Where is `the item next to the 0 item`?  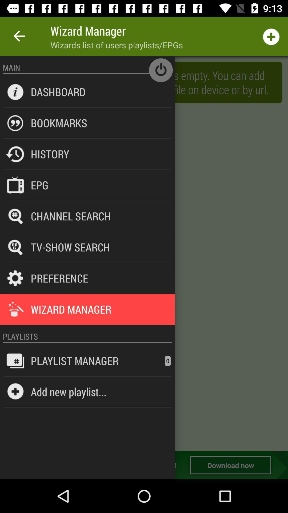 the item next to the 0 item is located at coordinates (75, 361).